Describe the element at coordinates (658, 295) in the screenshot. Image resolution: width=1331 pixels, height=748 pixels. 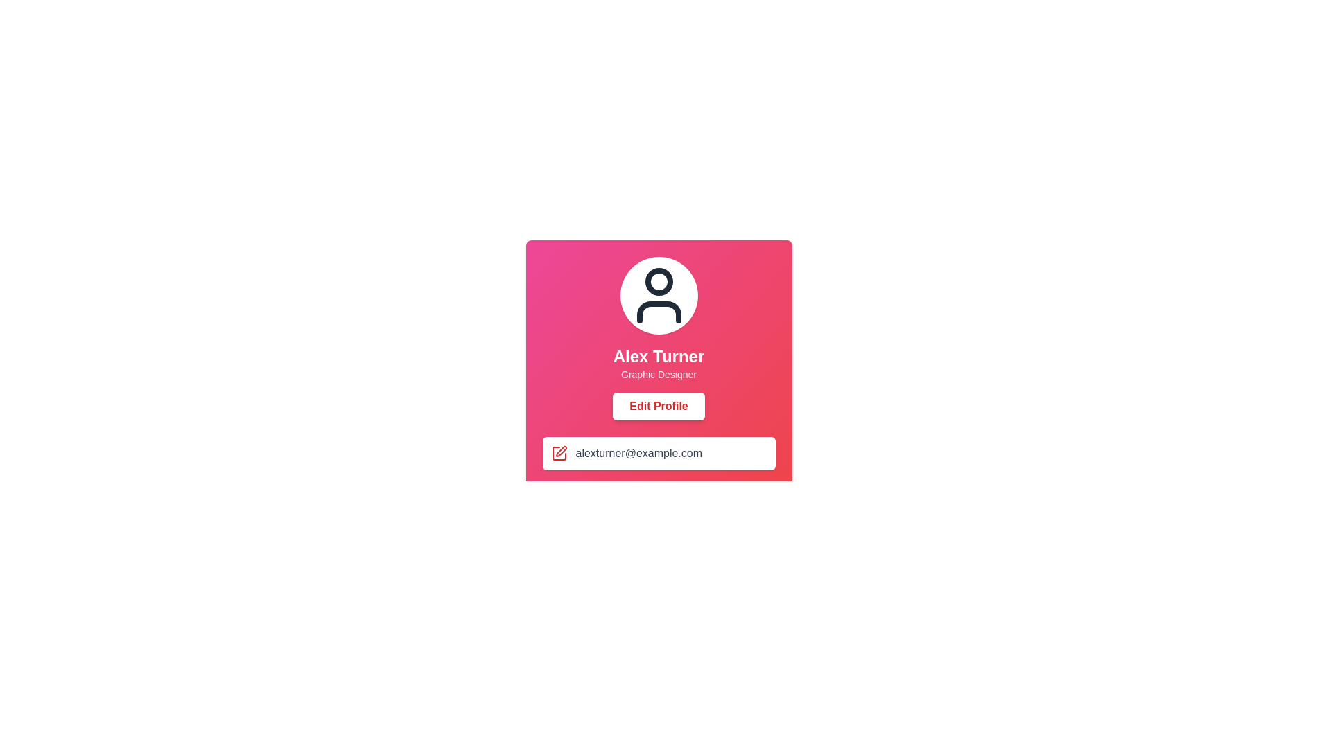
I see `the circular user silhouette icon at the top of the profile card, which features a white background and bold dark strokes, positioned above the text 'Alex Turner' and 'Graphic Designer'` at that location.